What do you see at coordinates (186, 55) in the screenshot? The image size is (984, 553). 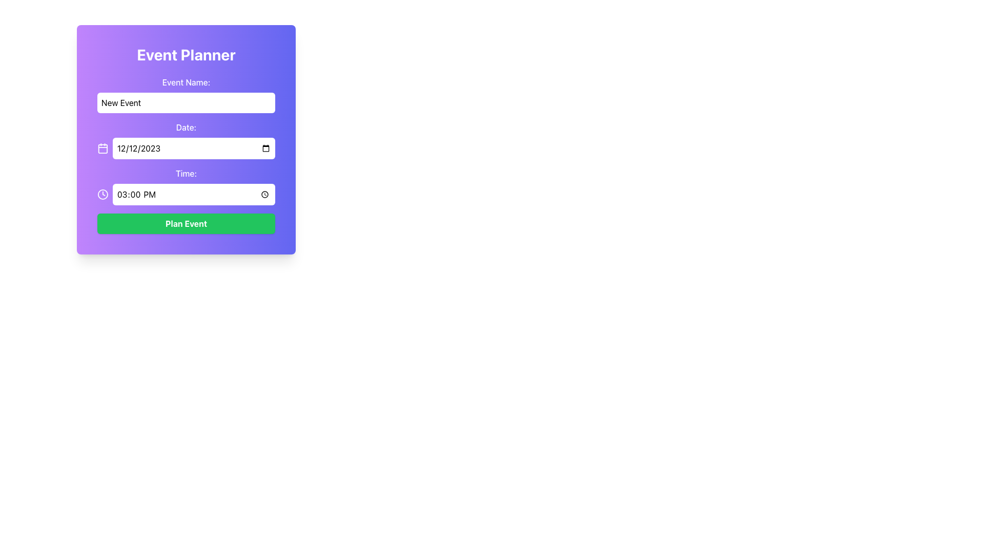 I see `prominent text header 'Event Planner' which is styled as a bold heading at the top center of the form card` at bounding box center [186, 55].